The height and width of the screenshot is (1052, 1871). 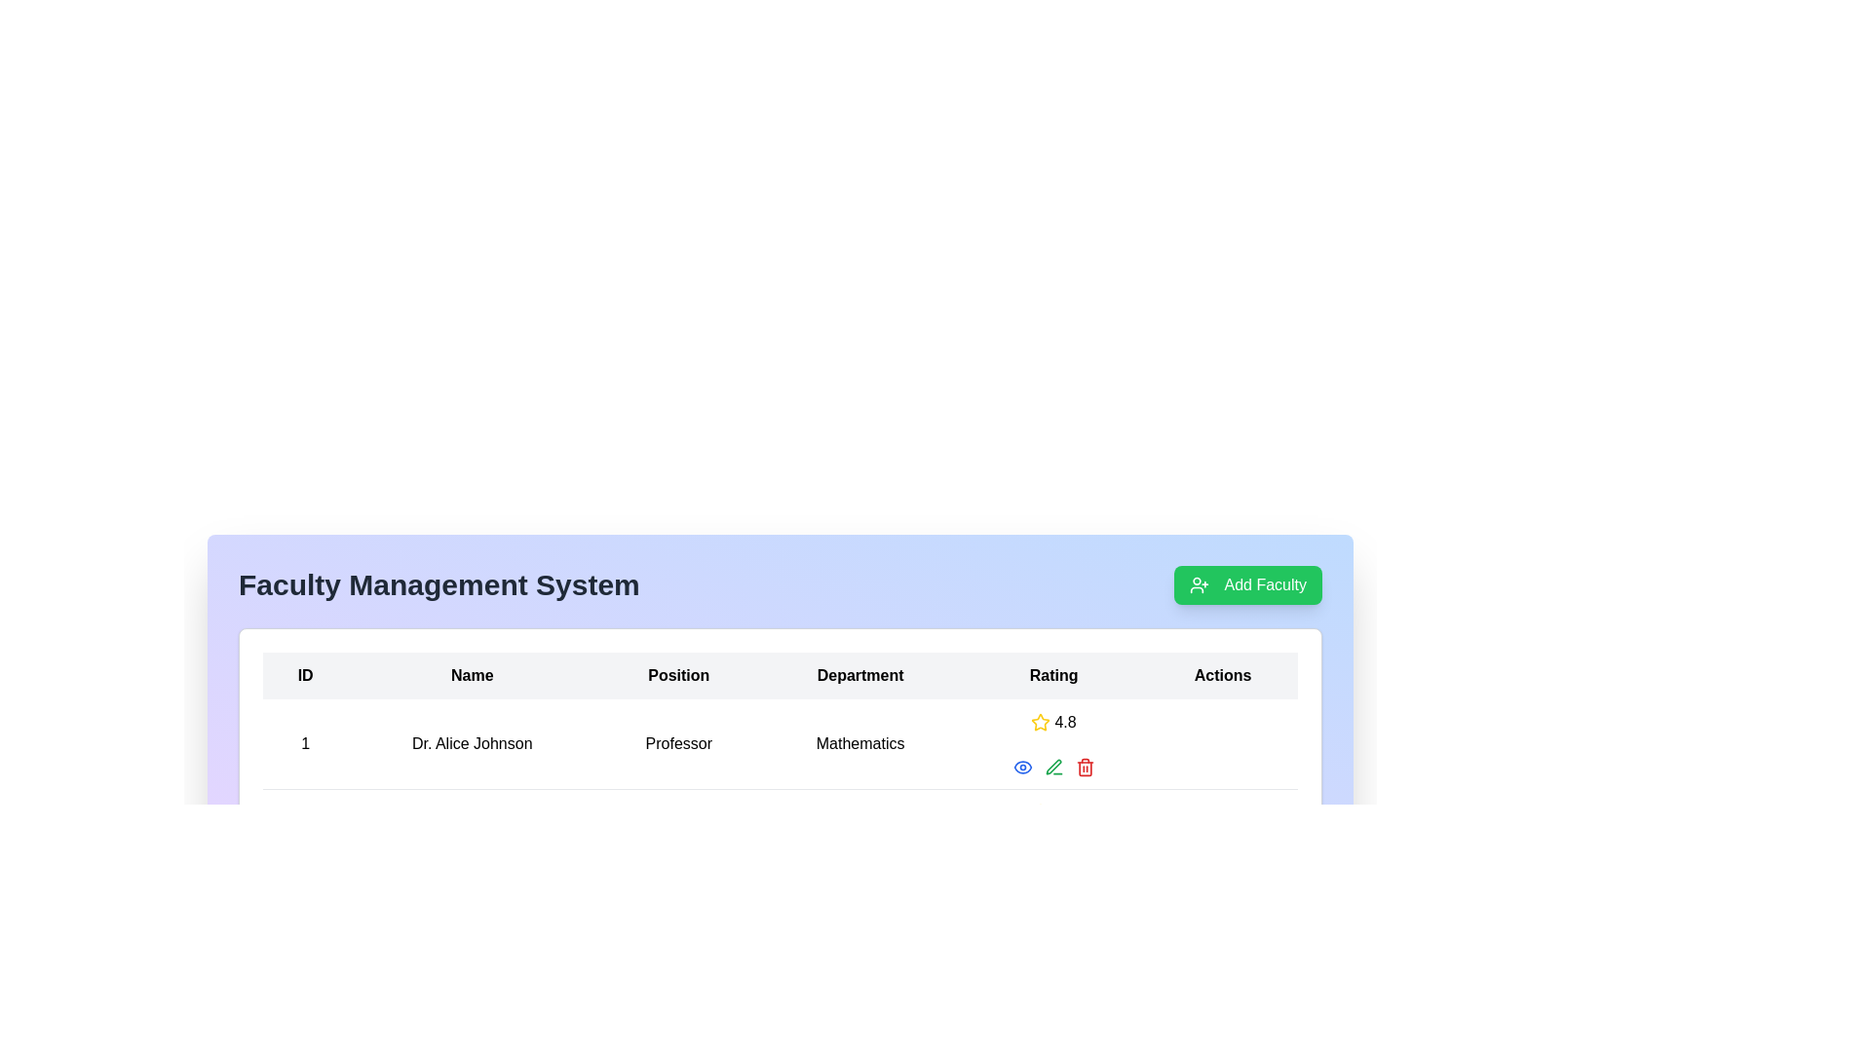 I want to click on the 'ID' text label, which is the first column header in the table layout, so click(x=304, y=675).